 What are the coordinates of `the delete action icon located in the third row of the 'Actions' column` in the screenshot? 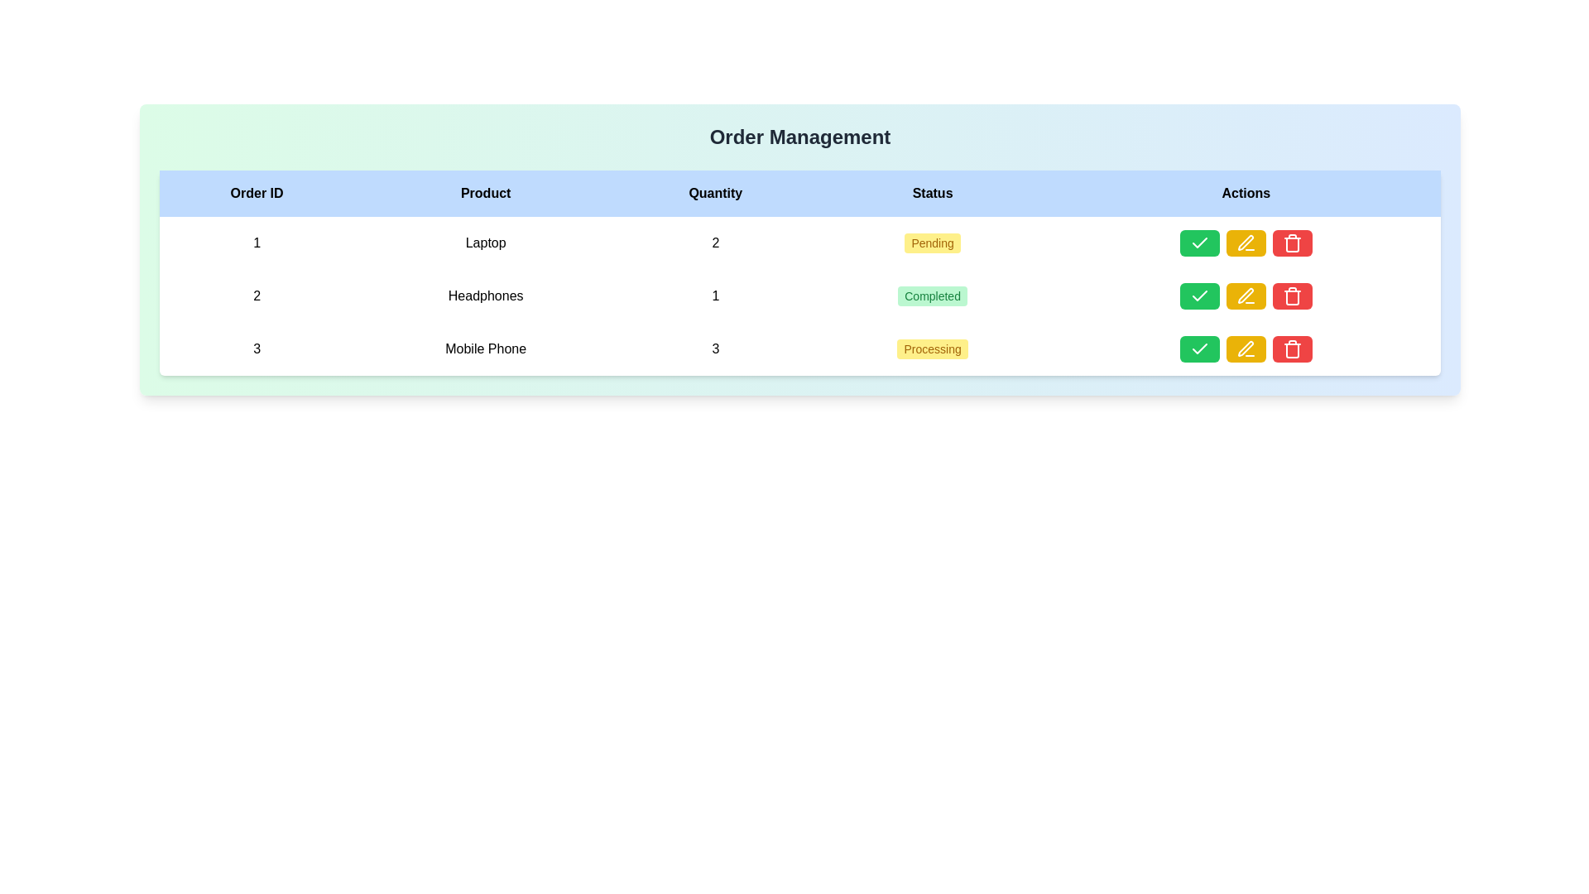 It's located at (1291, 243).